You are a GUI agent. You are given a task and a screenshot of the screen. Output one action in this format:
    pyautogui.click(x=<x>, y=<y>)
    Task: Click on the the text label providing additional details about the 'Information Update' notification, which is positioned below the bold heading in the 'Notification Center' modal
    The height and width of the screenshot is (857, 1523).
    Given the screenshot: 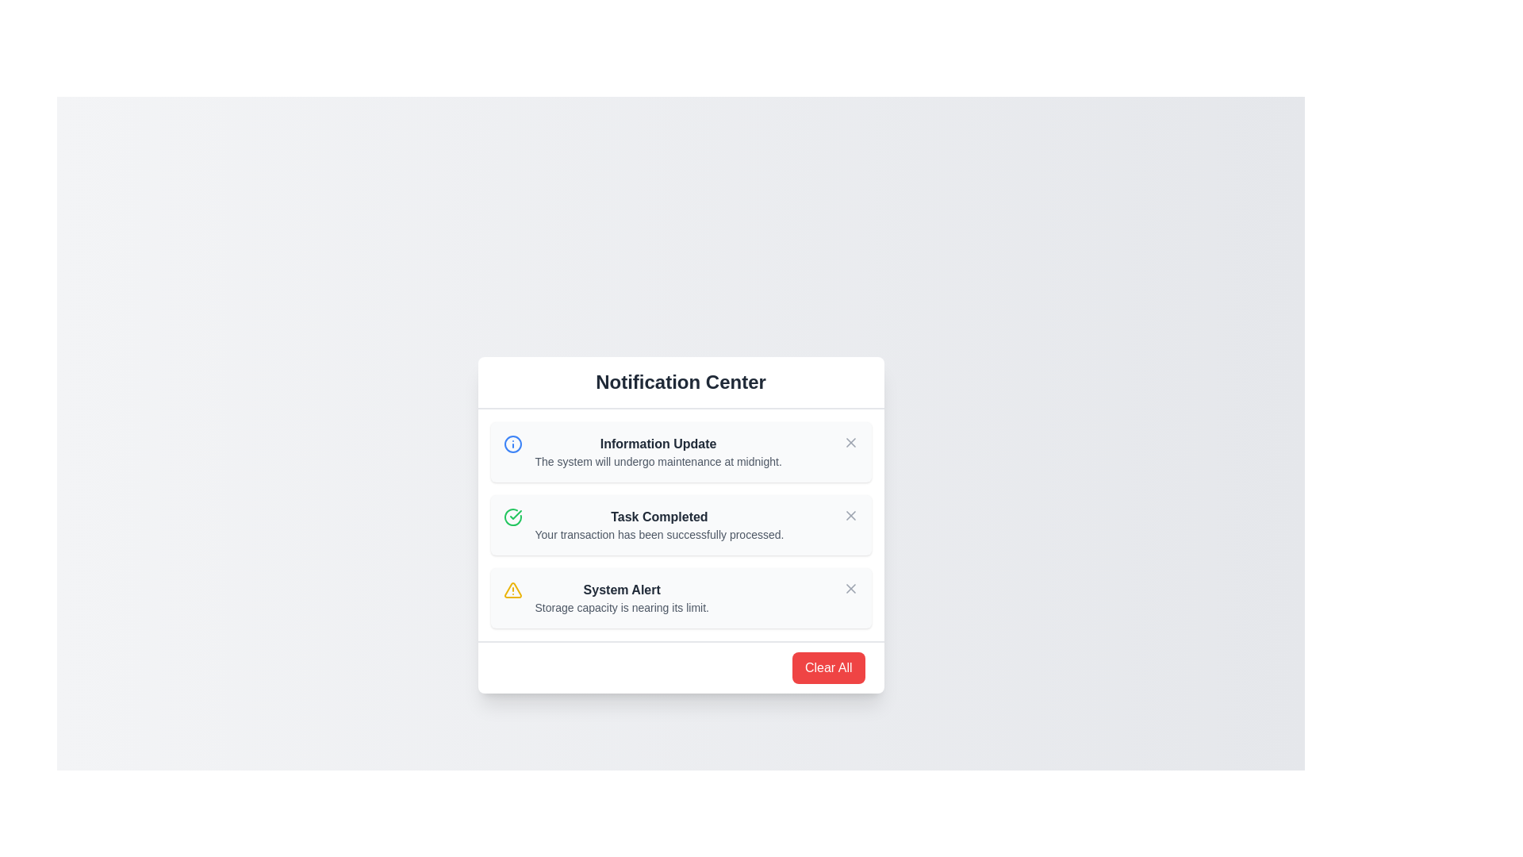 What is the action you would take?
    pyautogui.click(x=658, y=462)
    